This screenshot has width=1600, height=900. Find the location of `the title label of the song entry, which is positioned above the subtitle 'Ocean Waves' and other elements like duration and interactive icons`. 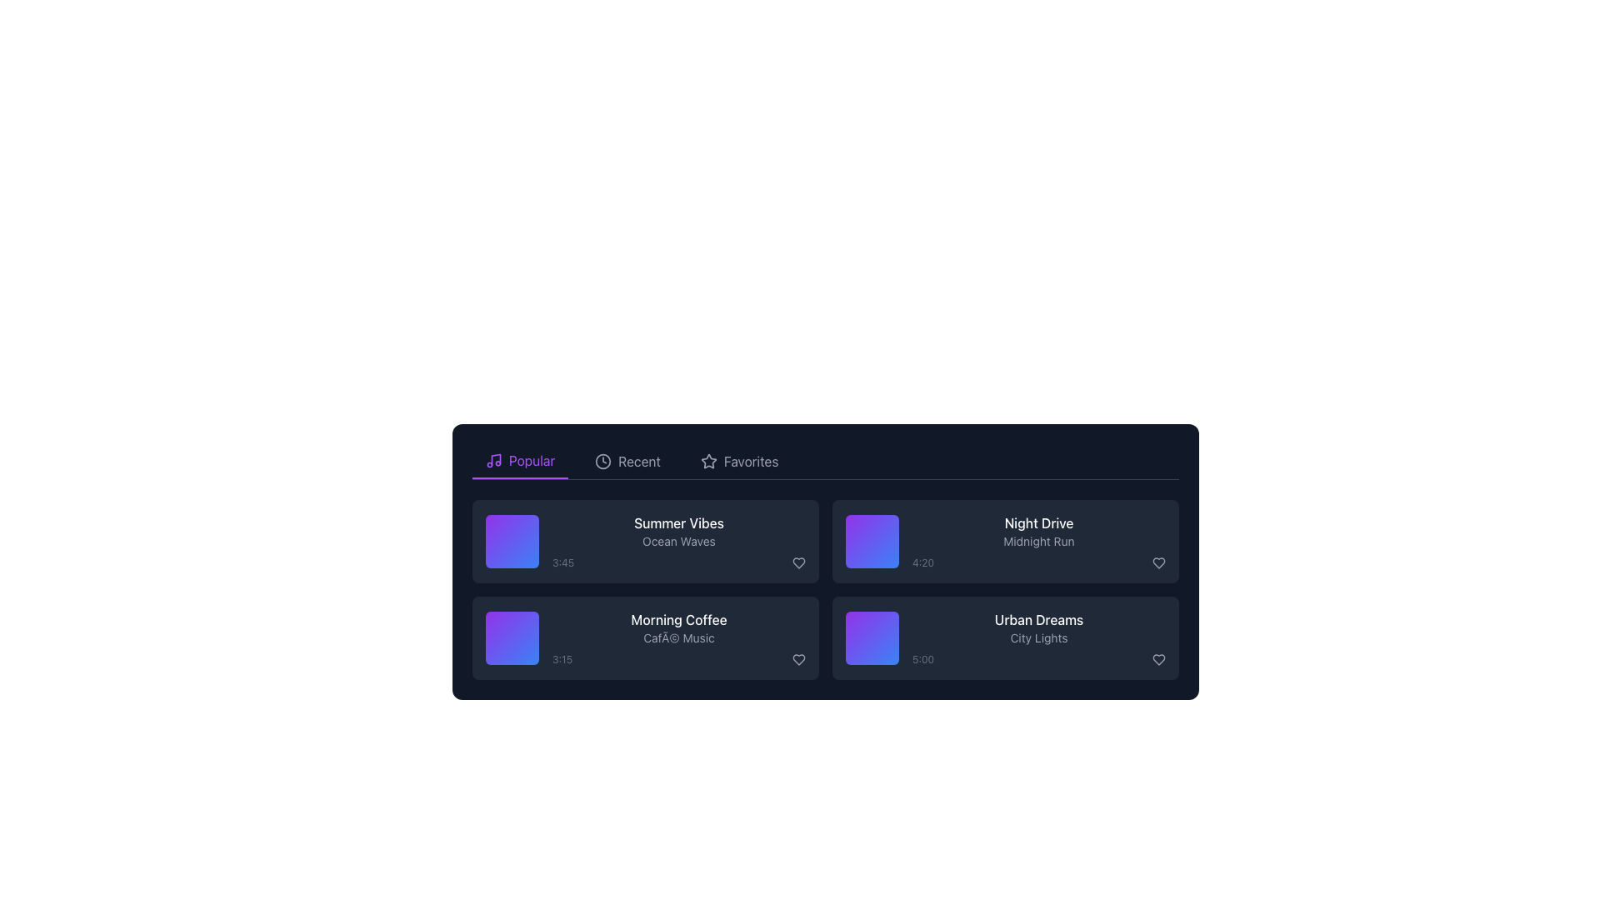

the title label of the song entry, which is positioned above the subtitle 'Ocean Waves' and other elements like duration and interactive icons is located at coordinates (679, 522).